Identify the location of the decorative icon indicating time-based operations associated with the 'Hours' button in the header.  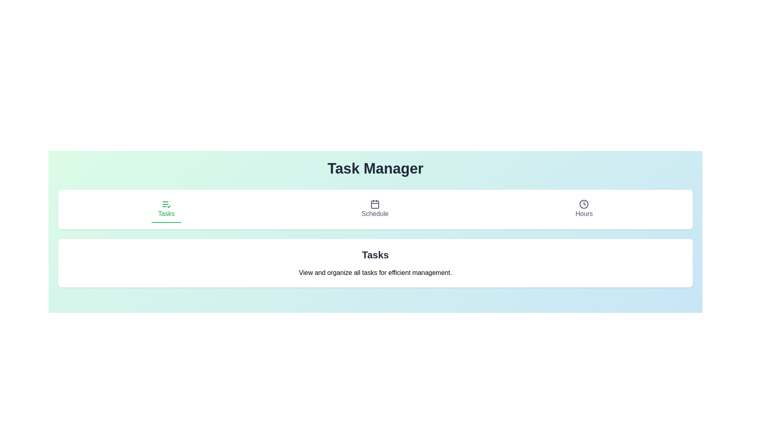
(584, 203).